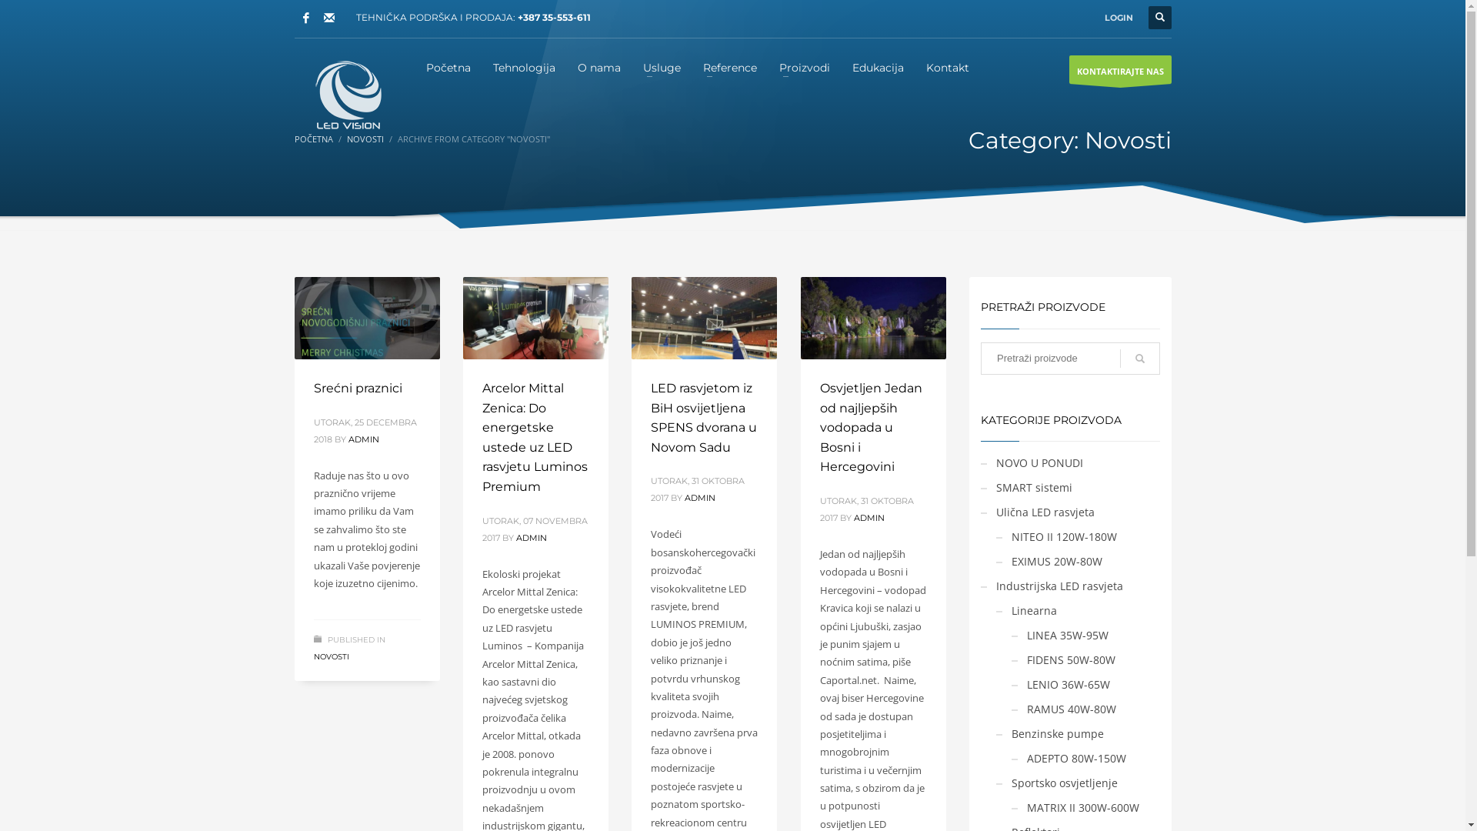 Image resolution: width=1477 pixels, height=831 pixels. What do you see at coordinates (996, 783) in the screenshot?
I see `'Sportsko osvjetljenje'` at bounding box center [996, 783].